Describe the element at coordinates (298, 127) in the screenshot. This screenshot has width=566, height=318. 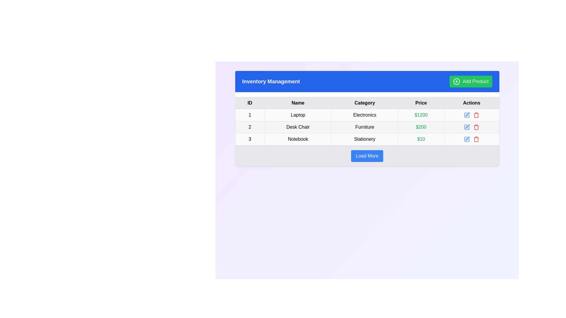
I see `the static text label indicating the name of the item in the inventory list, located in the second row of the table between the 'ID' and 'Category' columns` at that location.